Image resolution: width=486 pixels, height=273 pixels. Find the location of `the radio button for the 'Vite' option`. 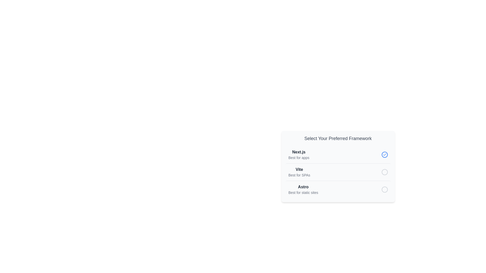

the radio button for the 'Vite' option is located at coordinates (384, 172).